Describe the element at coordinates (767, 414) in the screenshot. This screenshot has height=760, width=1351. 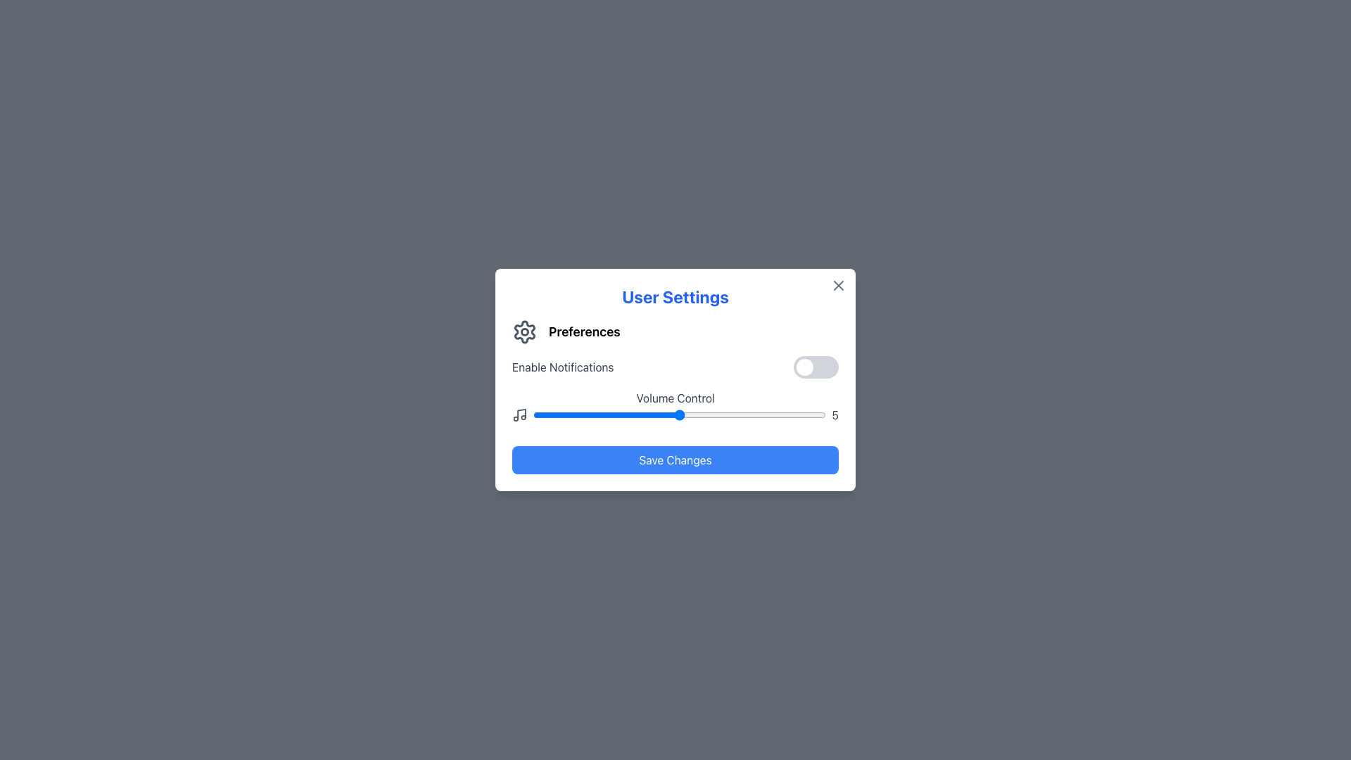
I see `the volume level` at that location.